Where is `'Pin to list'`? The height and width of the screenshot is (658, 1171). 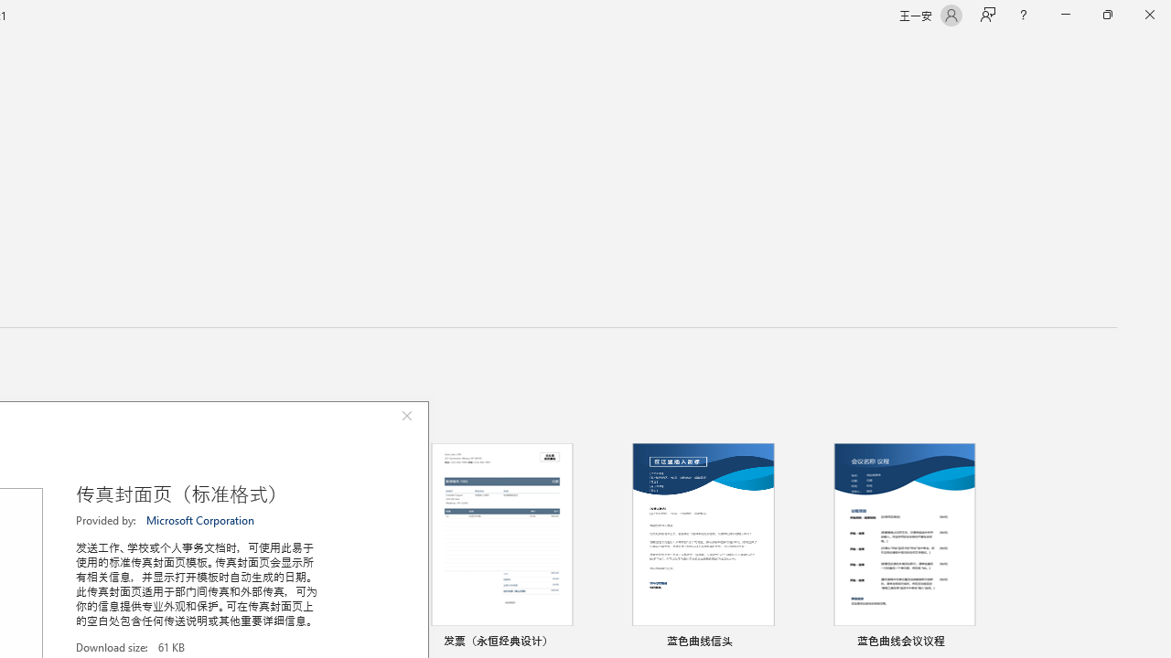
'Pin to list' is located at coordinates (983, 642).